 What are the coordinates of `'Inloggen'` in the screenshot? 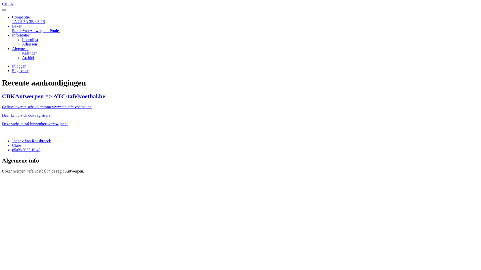 It's located at (19, 66).